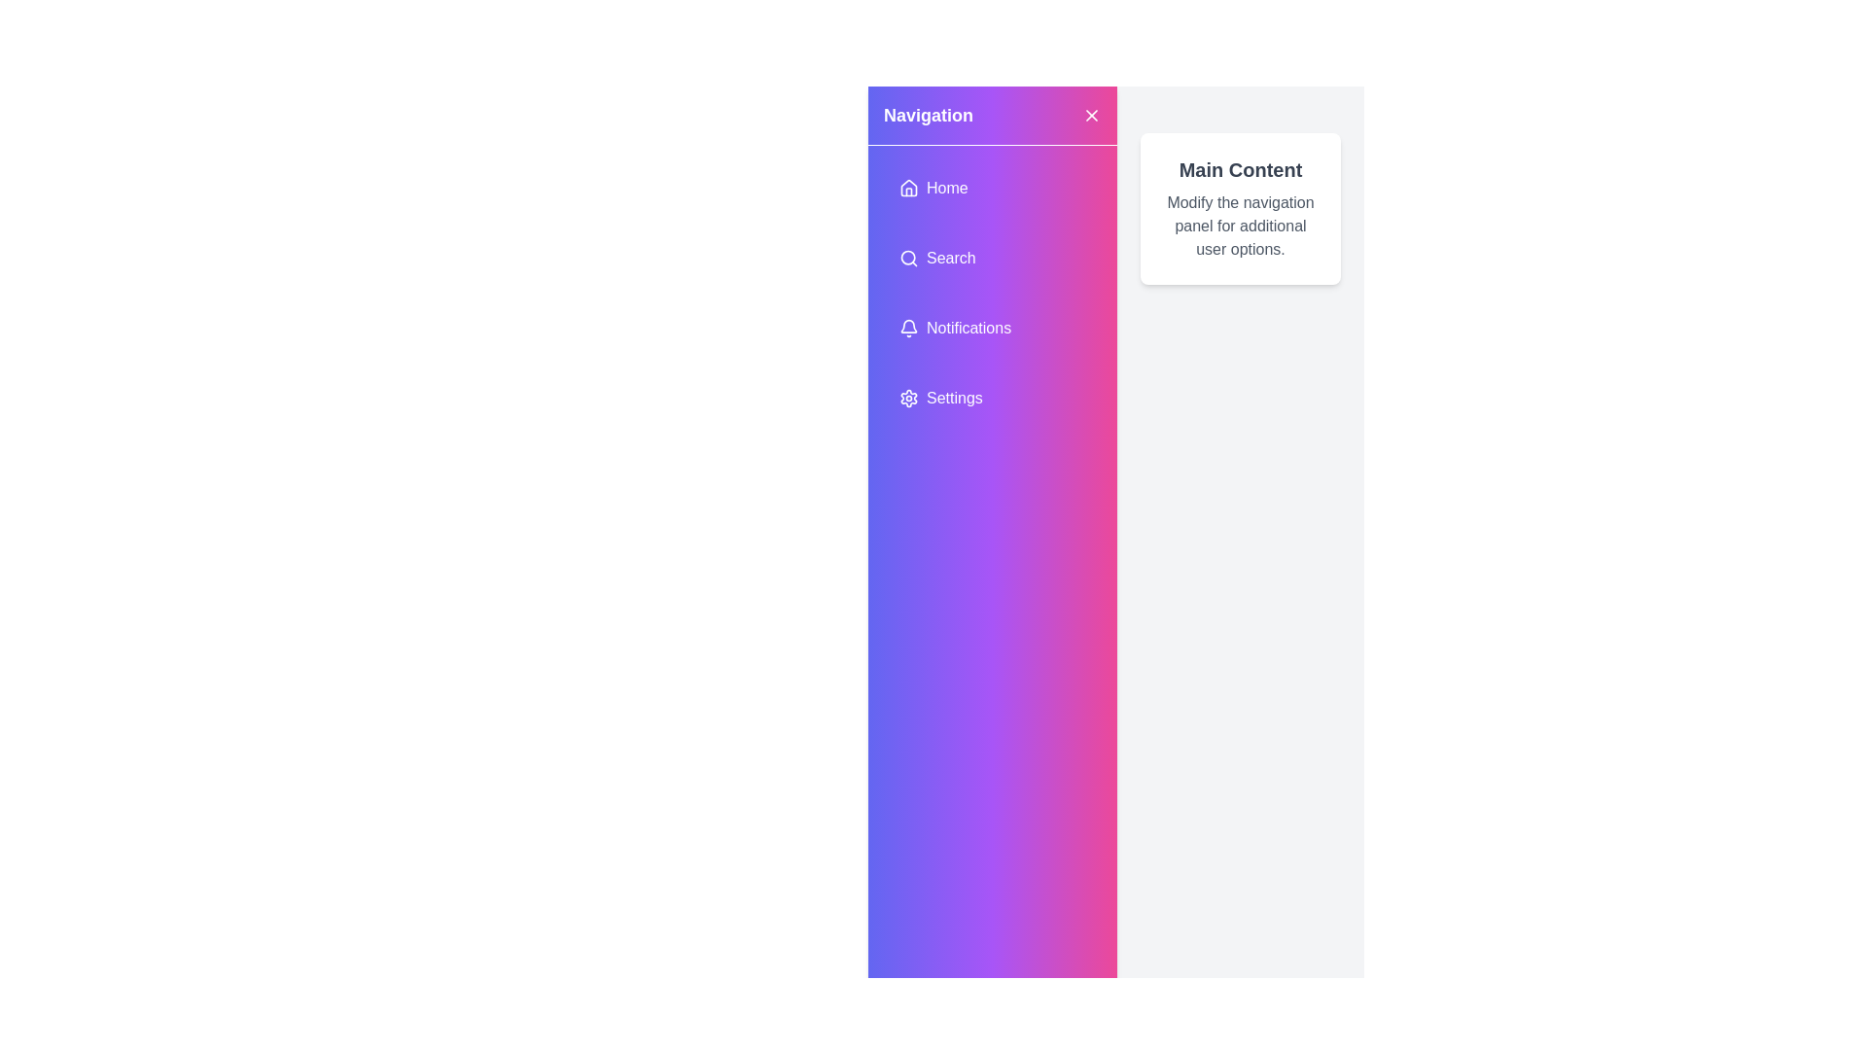 The height and width of the screenshot is (1050, 1867). I want to click on the close or dismiss icon located at the top-right corner of the purple-pink gradient navigation sidebar, so click(1092, 116).